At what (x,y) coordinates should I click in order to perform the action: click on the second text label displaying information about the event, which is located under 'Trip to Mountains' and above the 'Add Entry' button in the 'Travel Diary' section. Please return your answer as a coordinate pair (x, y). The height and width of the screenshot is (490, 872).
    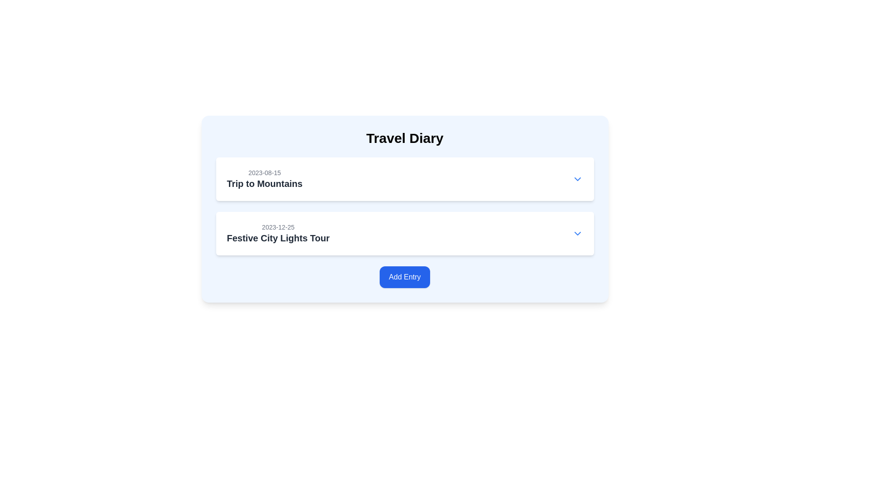
    Looking at the image, I should click on (277, 233).